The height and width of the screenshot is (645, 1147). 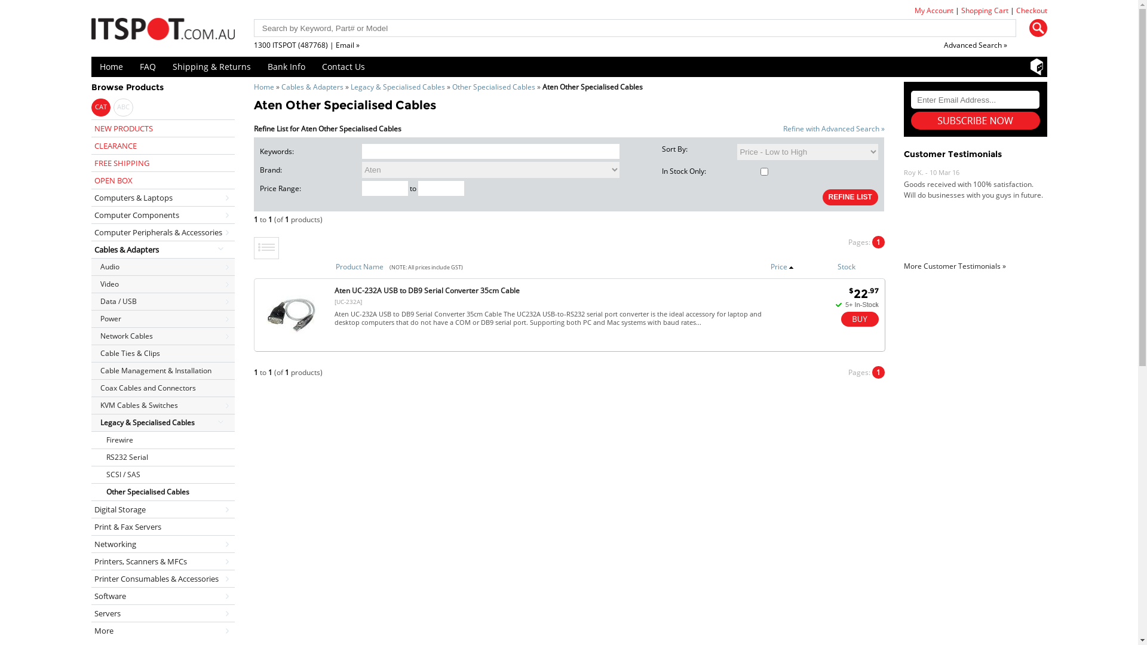 What do you see at coordinates (961, 11) in the screenshot?
I see `'Shopping Cart'` at bounding box center [961, 11].